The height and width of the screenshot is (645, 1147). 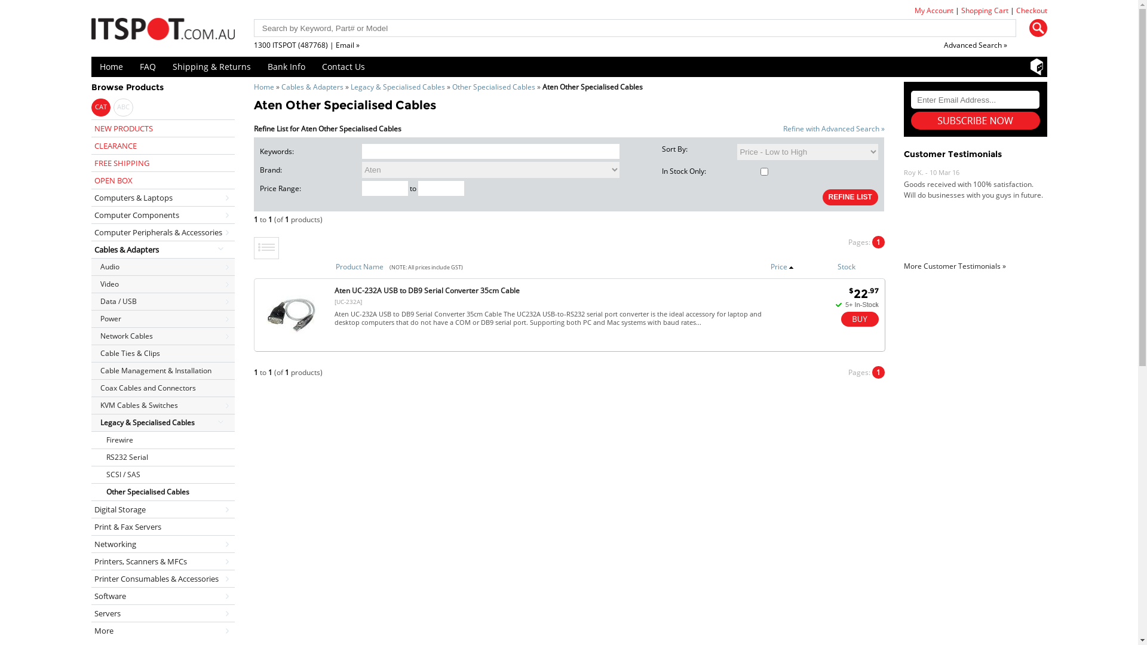 What do you see at coordinates (961, 11) in the screenshot?
I see `'Shopping Cart'` at bounding box center [961, 11].